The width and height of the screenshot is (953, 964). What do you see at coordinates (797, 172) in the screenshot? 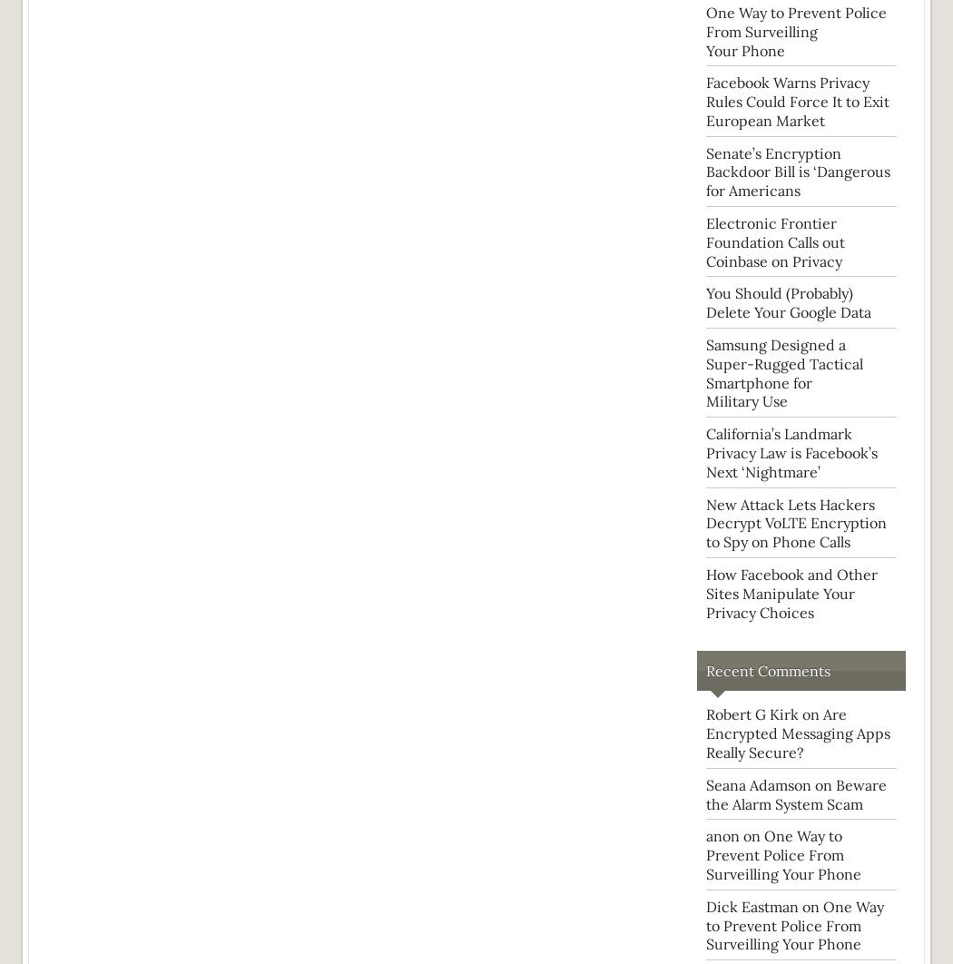
I see `'Senate’s Encryption Backdoor Bill is ‘Dangerous for Americans'` at bounding box center [797, 172].